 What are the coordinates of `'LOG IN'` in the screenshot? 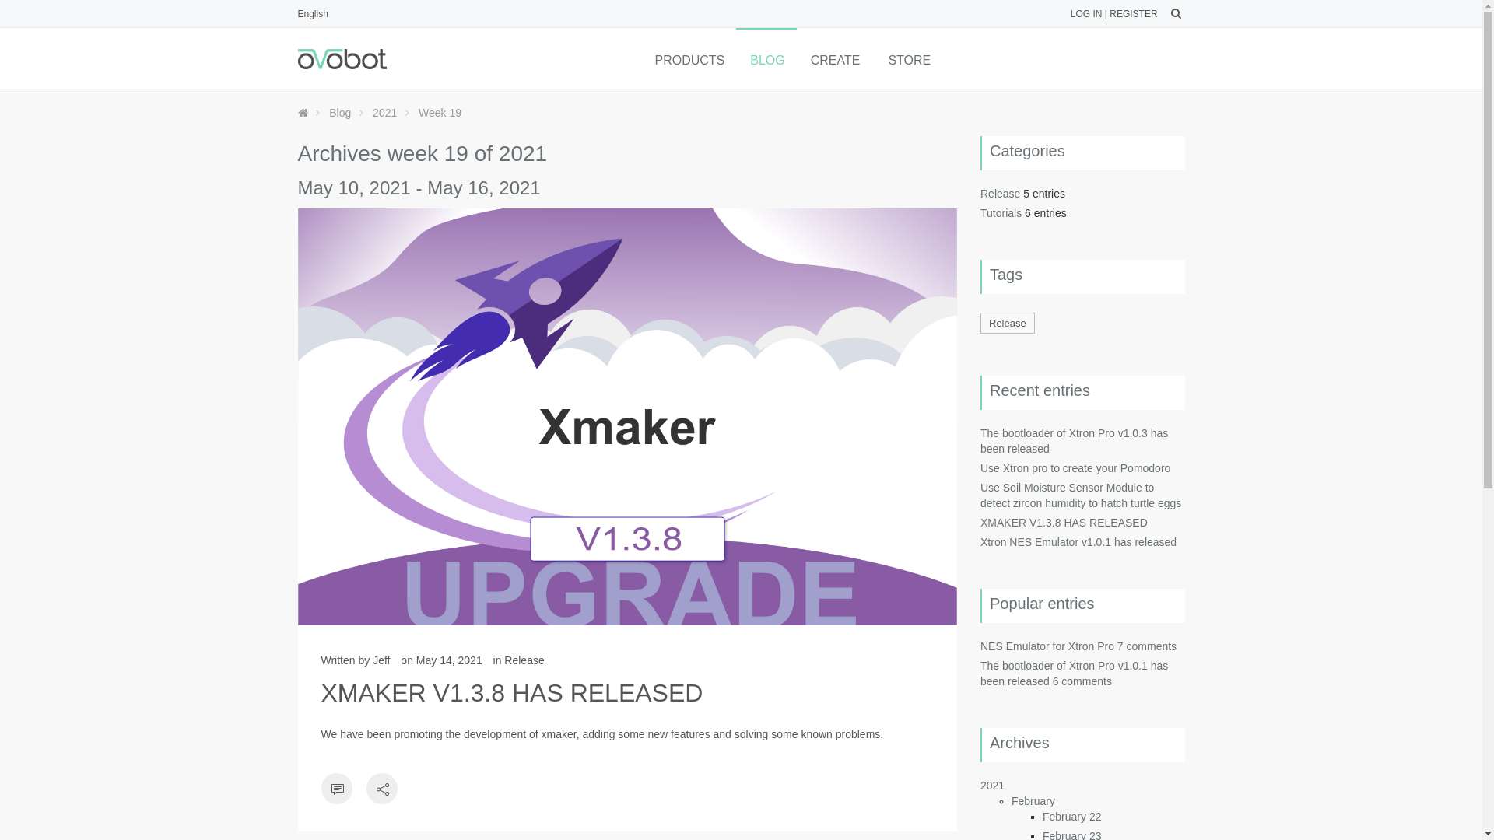 It's located at (1085, 14).